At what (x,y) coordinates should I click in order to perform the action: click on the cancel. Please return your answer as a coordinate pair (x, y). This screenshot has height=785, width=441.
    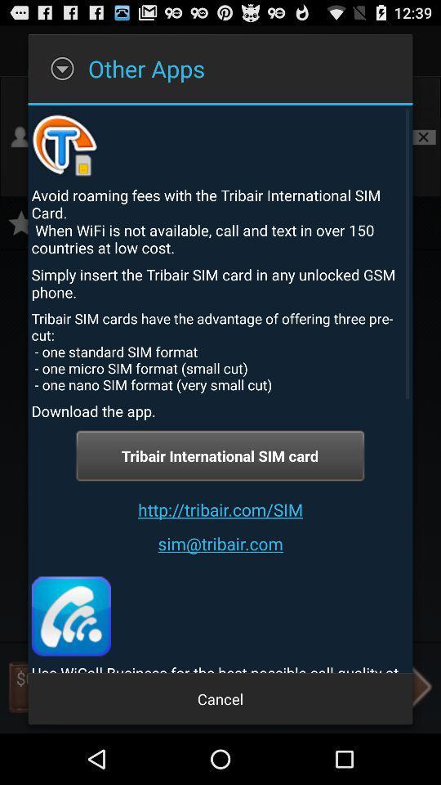
    Looking at the image, I should click on (220, 698).